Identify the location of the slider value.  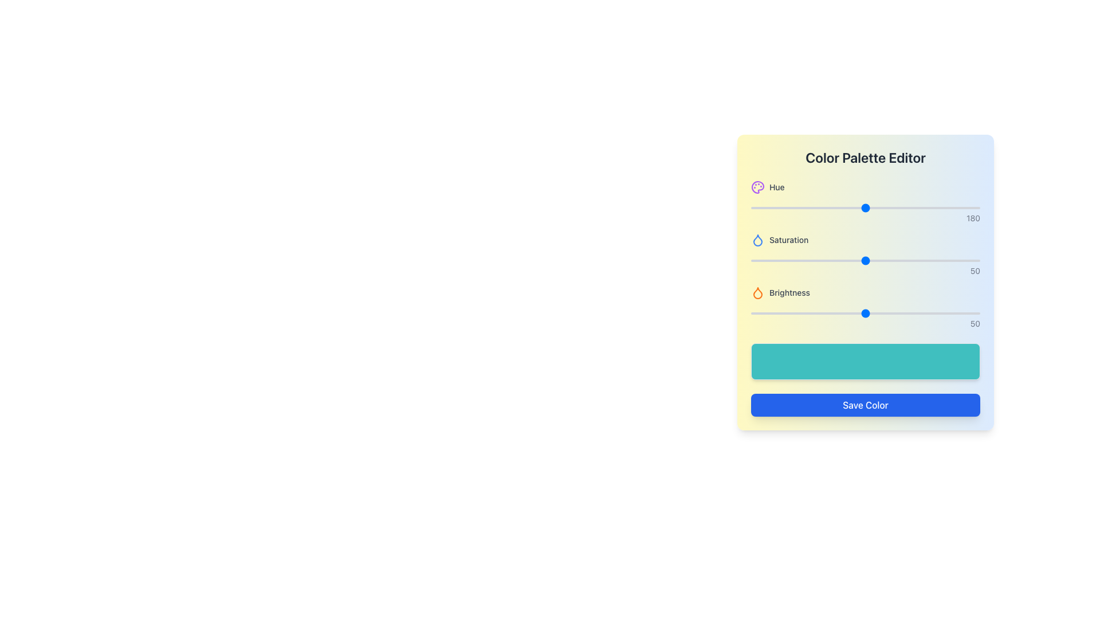
(927, 261).